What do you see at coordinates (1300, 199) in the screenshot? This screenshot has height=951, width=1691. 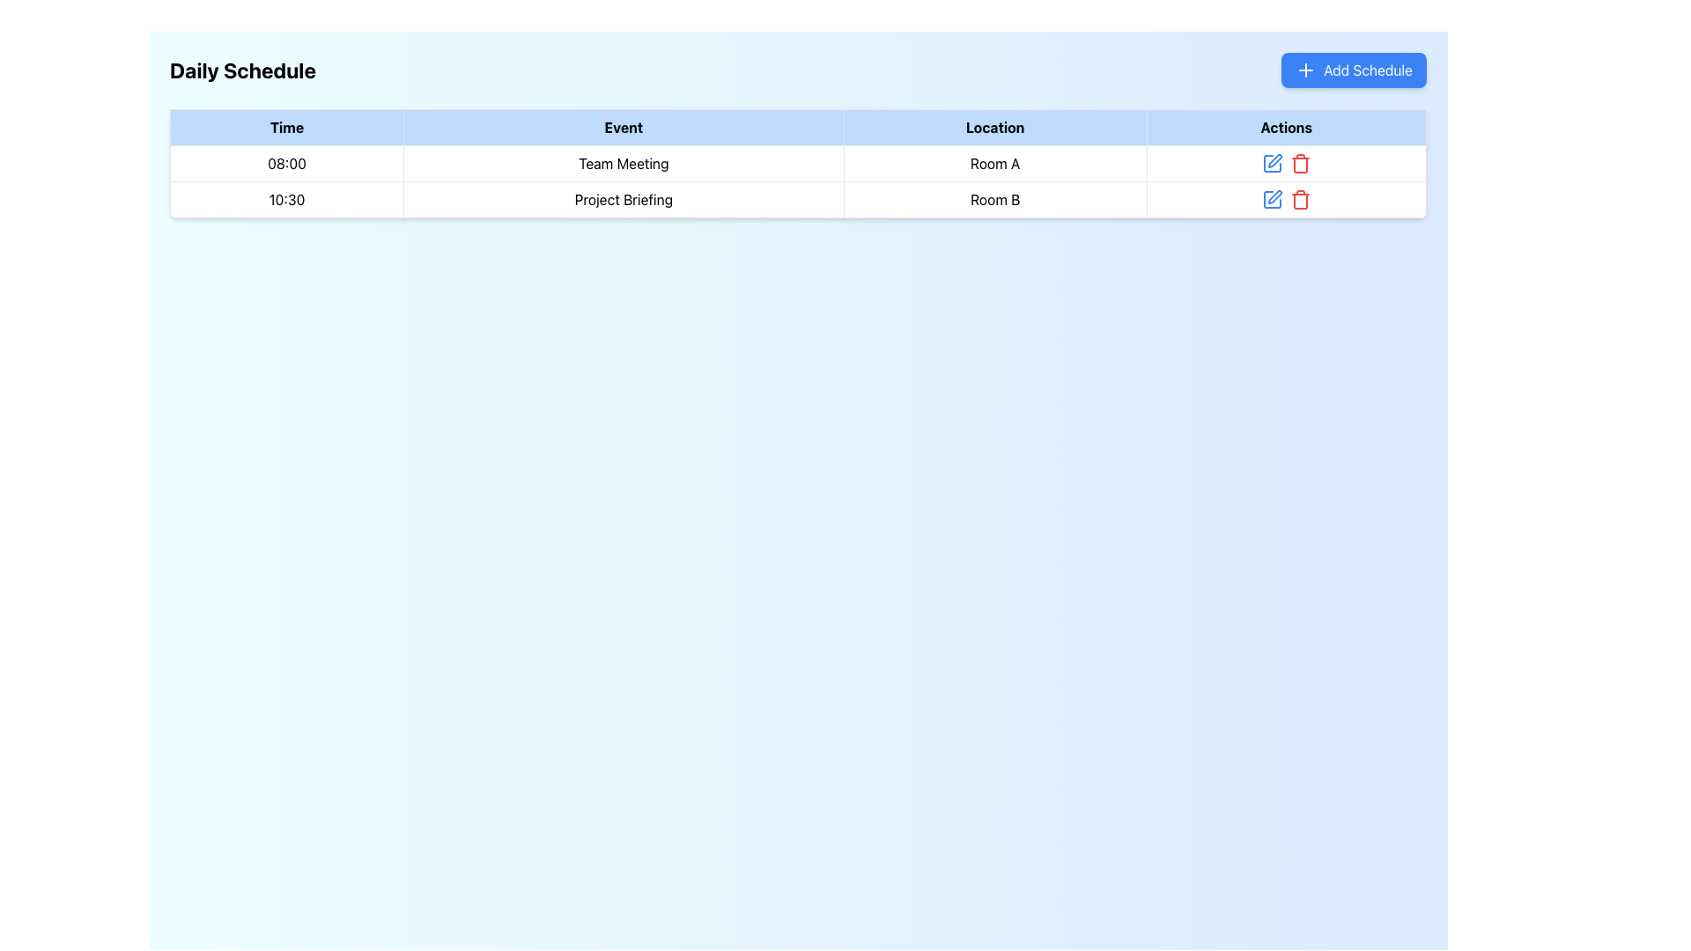 I see `the trash icon in the 'Actions' column of the second table row corresponding to the 'Project Briefing' event with 'Room B' as the location` at bounding box center [1300, 199].